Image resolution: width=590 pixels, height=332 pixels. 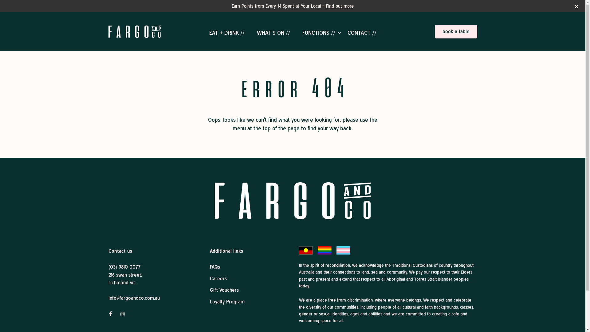 I want to click on 'book a table', so click(x=456, y=32).